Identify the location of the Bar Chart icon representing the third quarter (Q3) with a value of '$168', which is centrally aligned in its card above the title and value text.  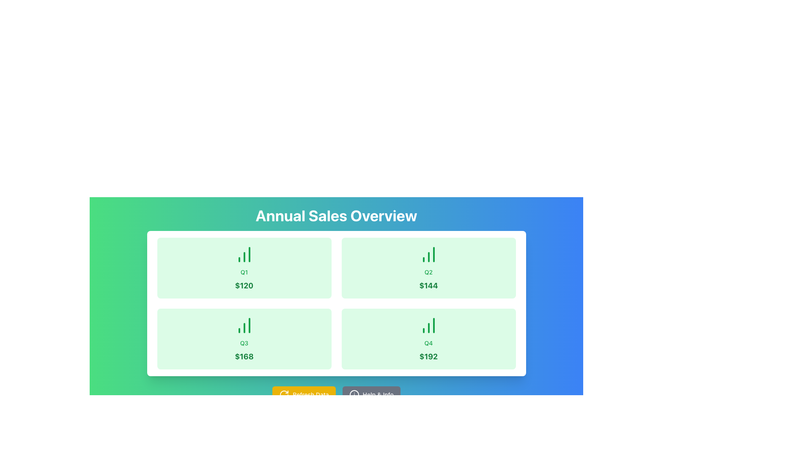
(244, 325).